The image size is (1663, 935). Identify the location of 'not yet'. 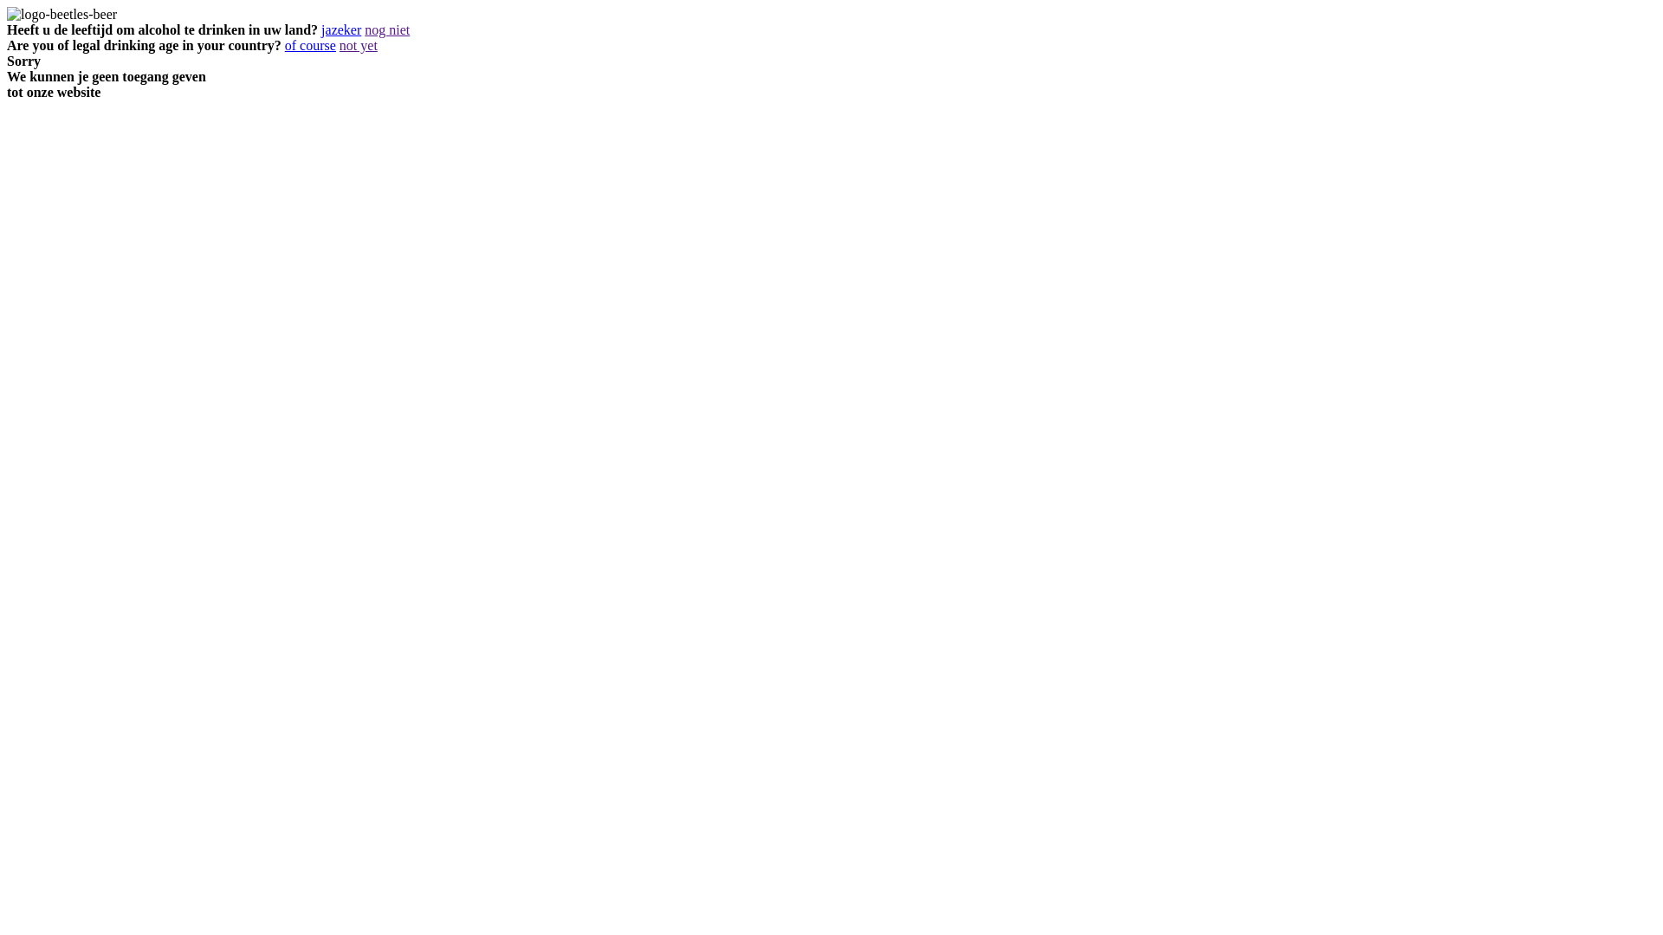
(357, 44).